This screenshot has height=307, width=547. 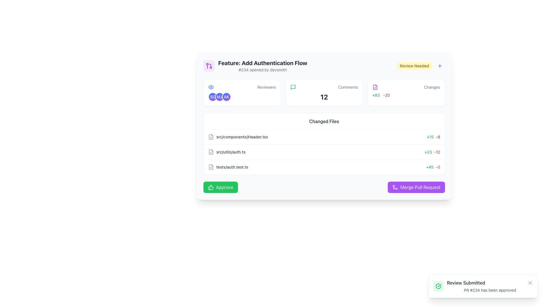 What do you see at coordinates (211, 137) in the screenshot?
I see `the file icon located between the left-pointing and right-pointing arrows in the file management interface` at bounding box center [211, 137].